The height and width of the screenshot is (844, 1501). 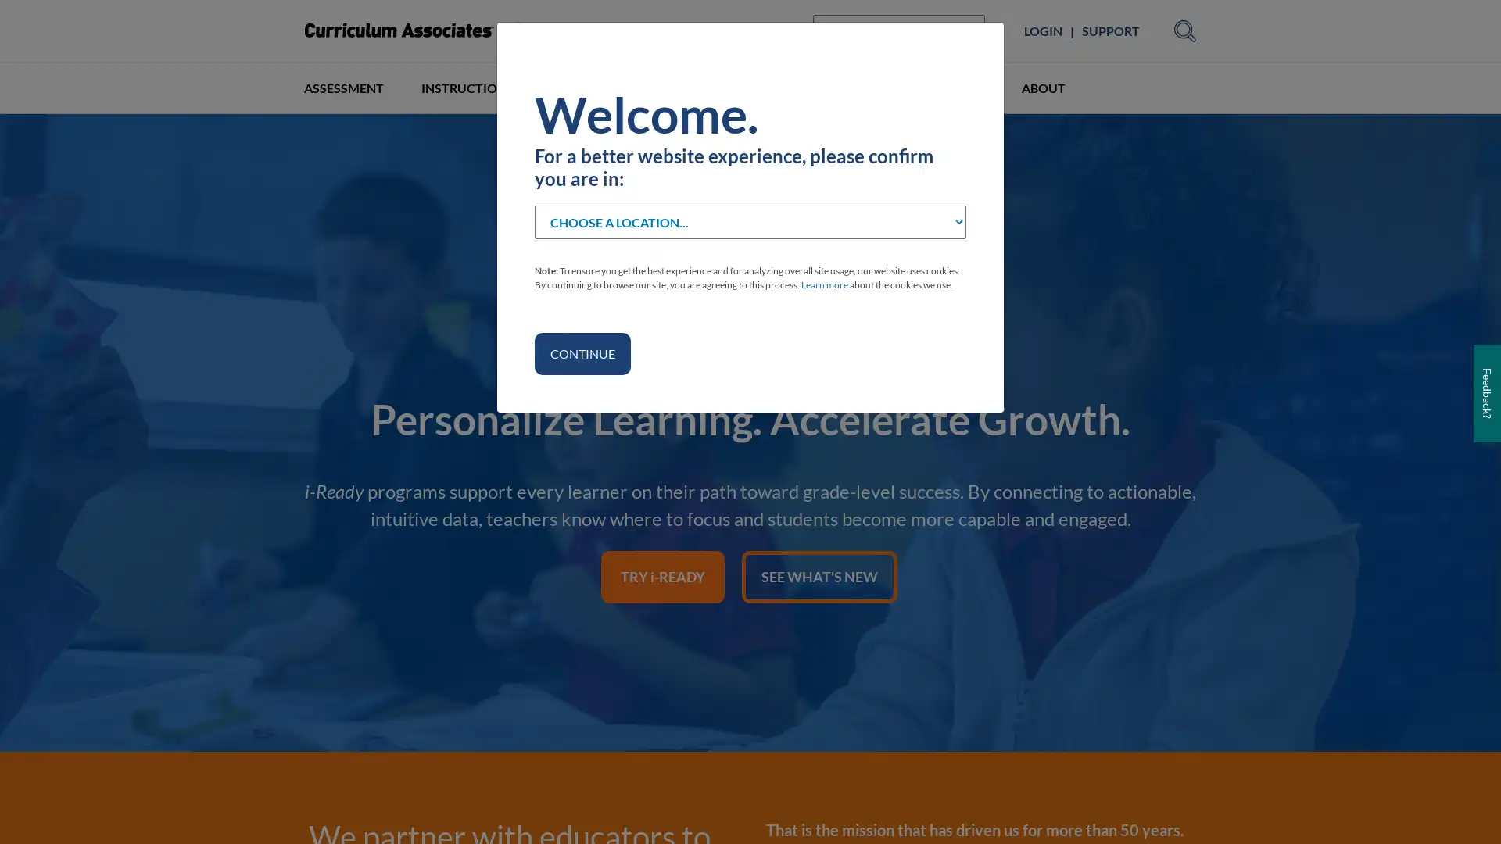 What do you see at coordinates (1185, 30) in the screenshot?
I see `Submit Search` at bounding box center [1185, 30].